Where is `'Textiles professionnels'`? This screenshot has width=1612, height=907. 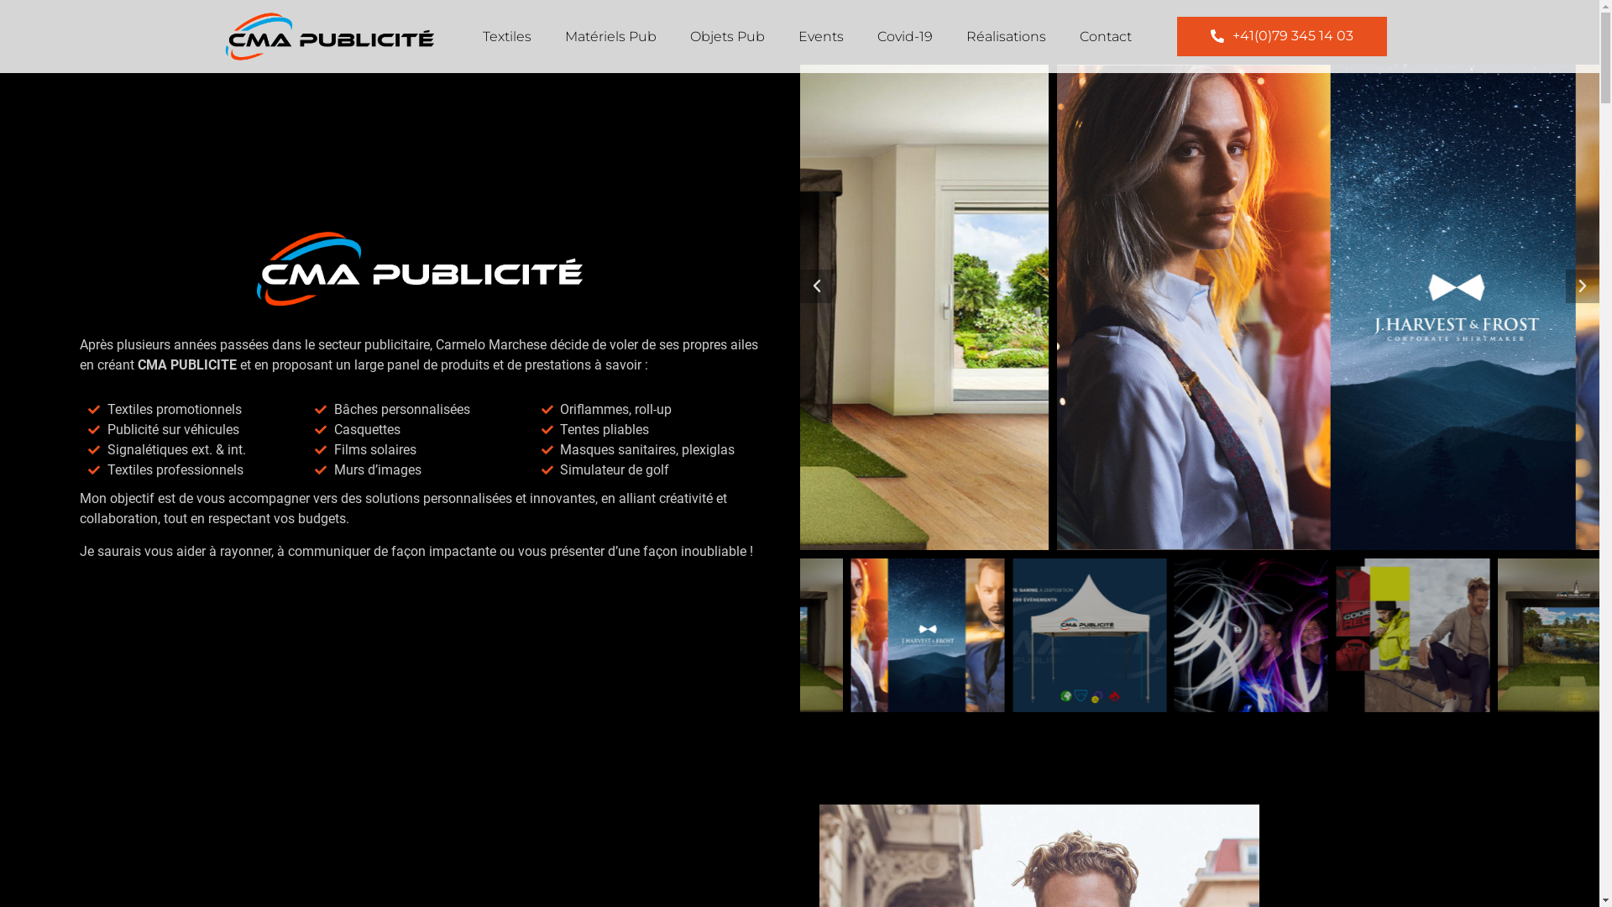 'Textiles professionnels' is located at coordinates (193, 469).